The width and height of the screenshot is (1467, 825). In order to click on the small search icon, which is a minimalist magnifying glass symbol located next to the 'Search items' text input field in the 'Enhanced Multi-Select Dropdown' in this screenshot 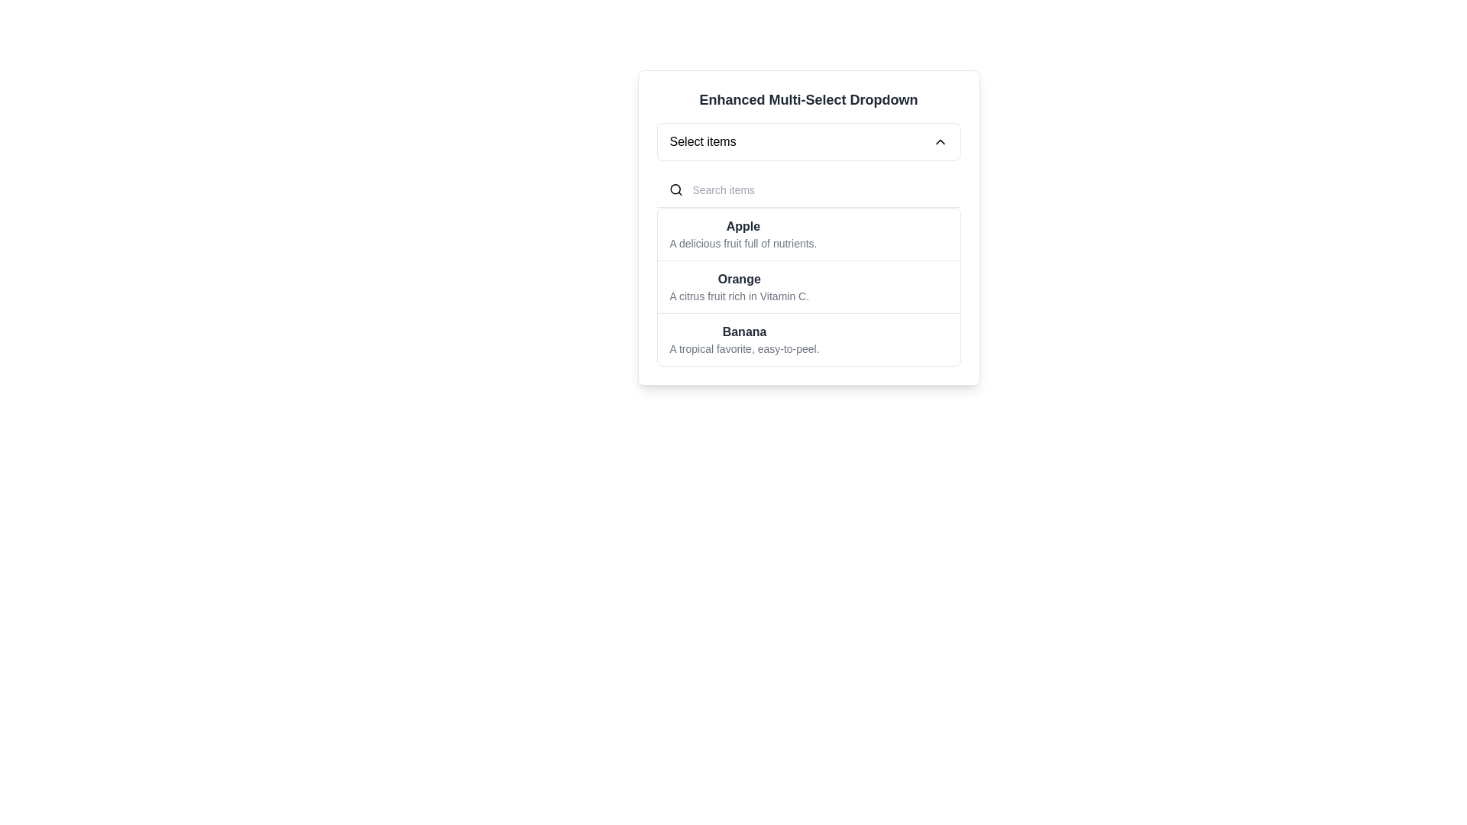, I will do `click(675, 189)`.